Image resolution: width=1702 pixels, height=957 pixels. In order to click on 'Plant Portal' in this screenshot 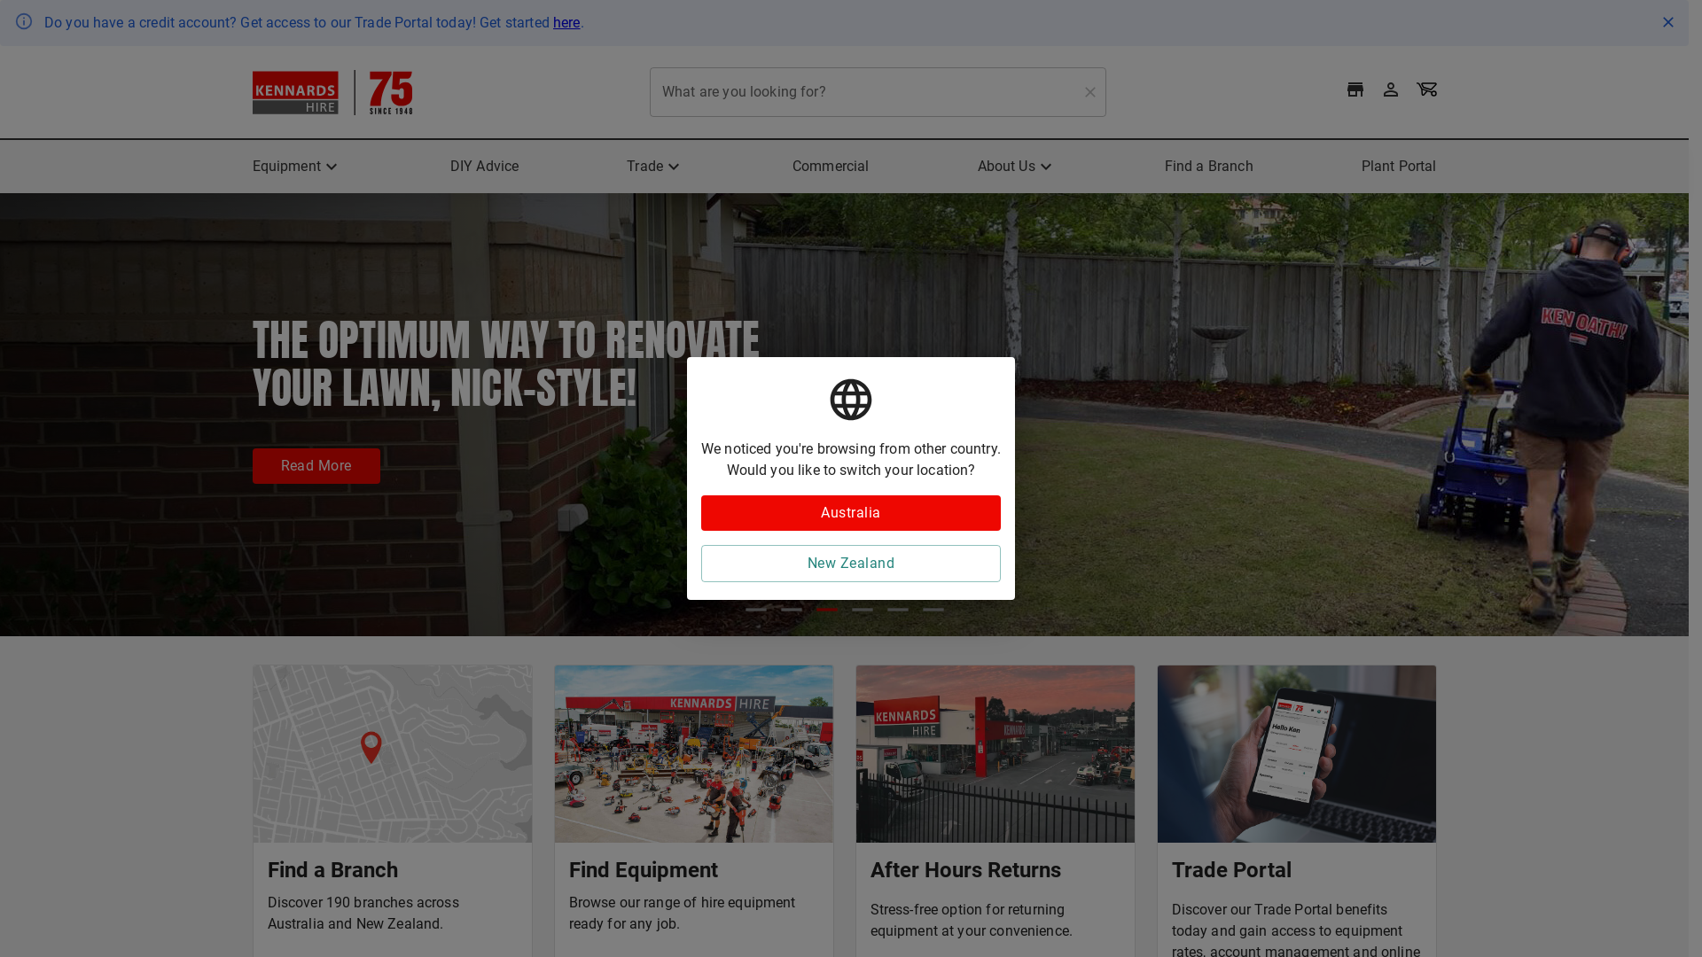, I will do `click(1398, 167)`.